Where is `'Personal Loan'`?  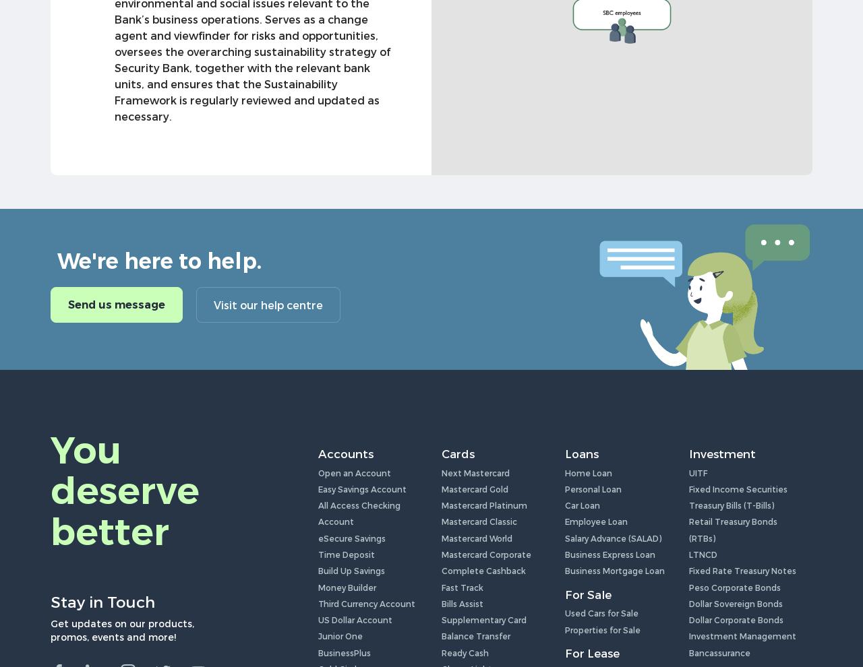 'Personal Loan' is located at coordinates (593, 487).